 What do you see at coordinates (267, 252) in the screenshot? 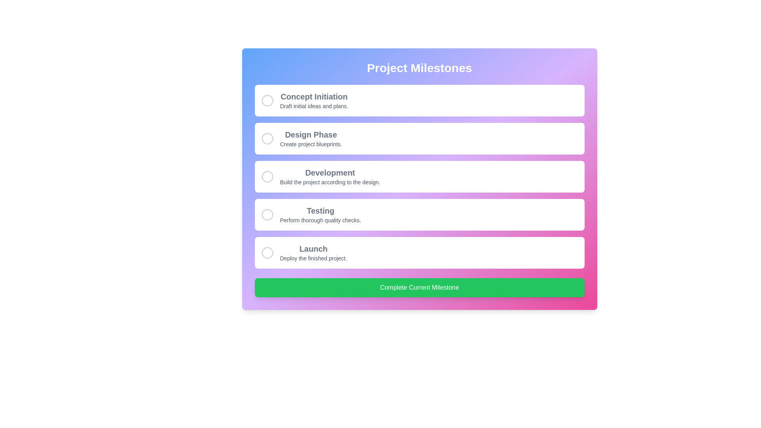
I see `the circular icon representing the 'Launch' milestone to indicate its status or completion` at bounding box center [267, 252].